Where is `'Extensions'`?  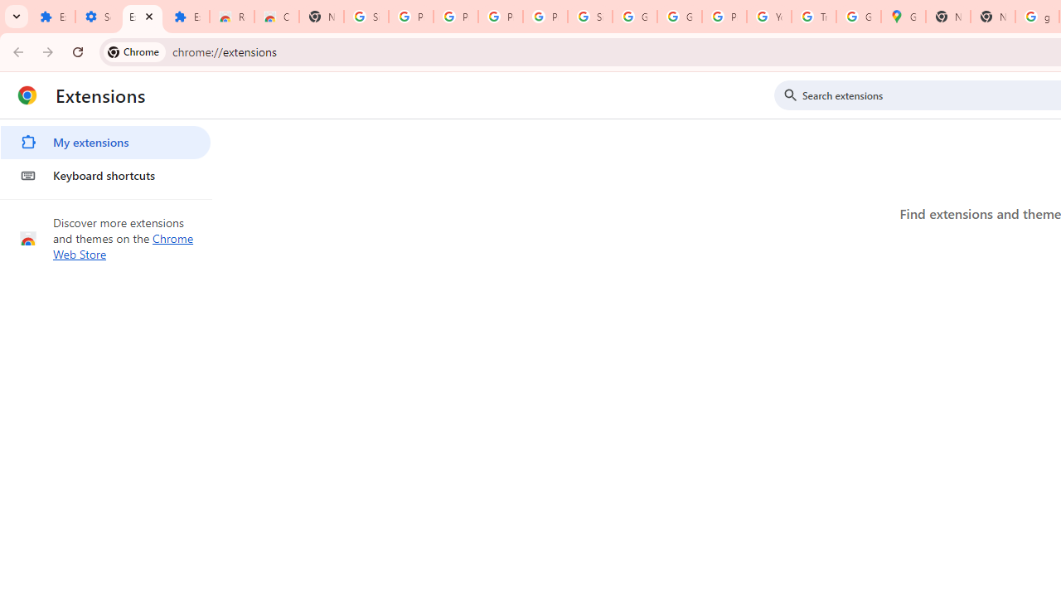
'Extensions' is located at coordinates (142, 17).